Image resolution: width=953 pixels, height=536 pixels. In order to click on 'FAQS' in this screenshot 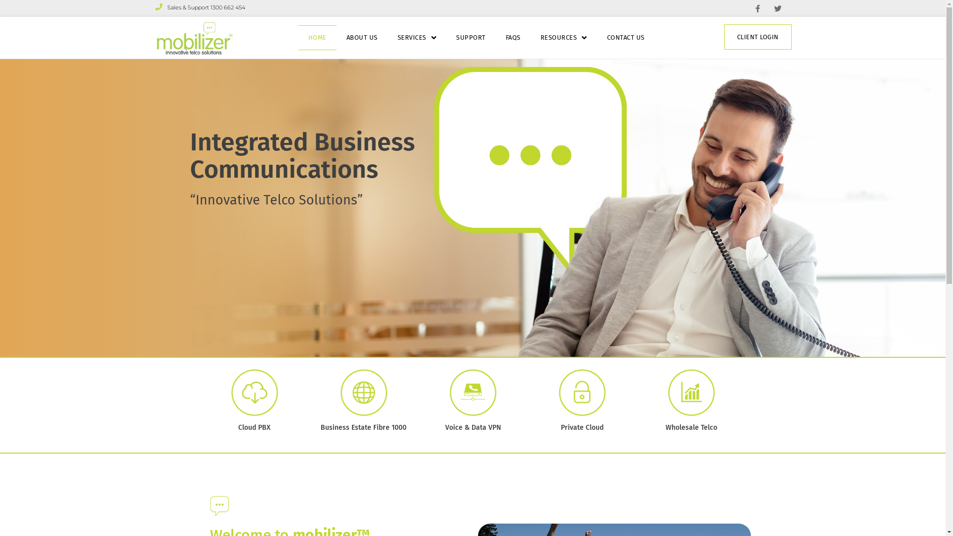, I will do `click(513, 37)`.